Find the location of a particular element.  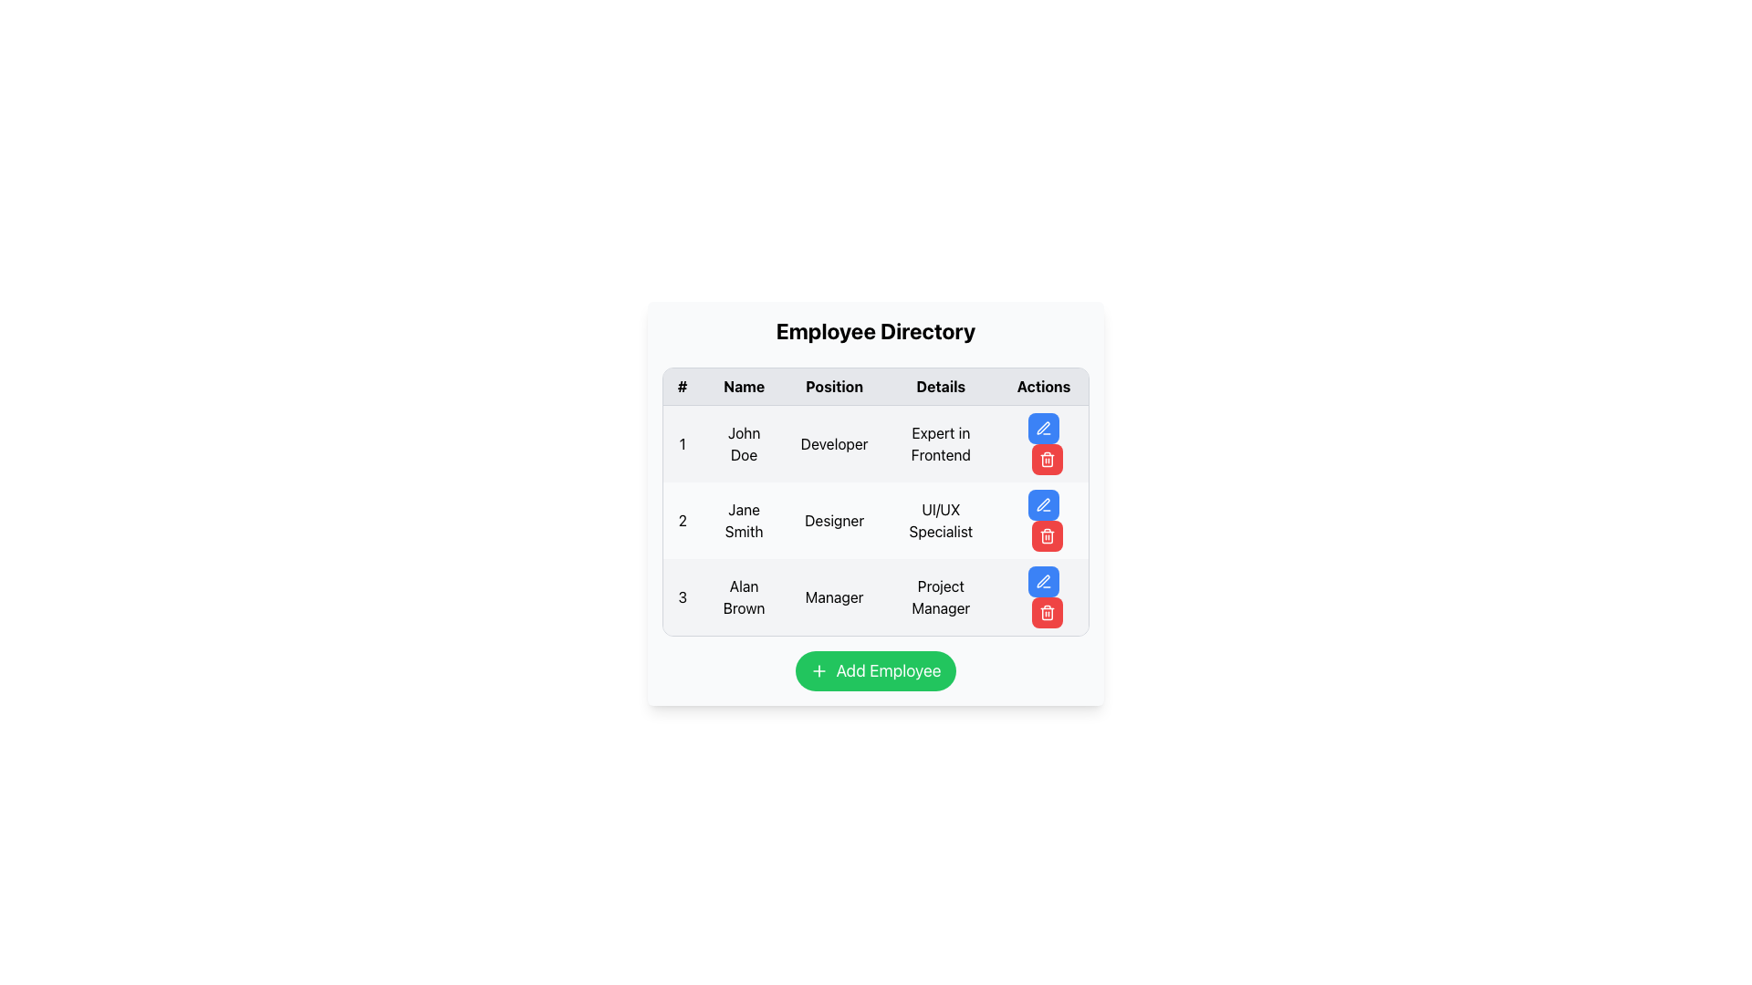

the 'Position' label indicating the occupational role of 'Alan Brown' located in the third row of the table is located at coordinates (833, 597).